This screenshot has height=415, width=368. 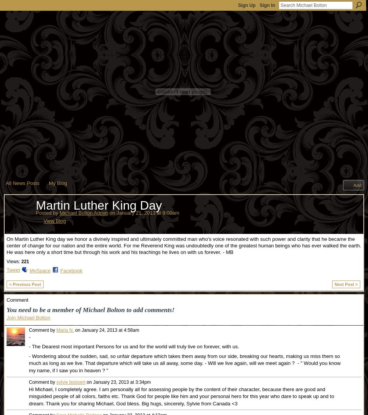 What do you see at coordinates (60, 270) in the screenshot?
I see `'Facebook'` at bounding box center [60, 270].